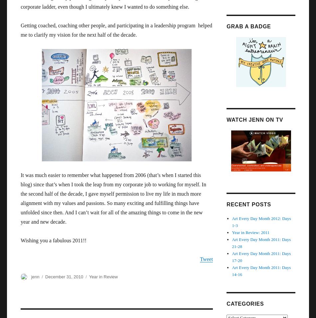 Image resolution: width=316 pixels, height=318 pixels. Describe the element at coordinates (206, 259) in the screenshot. I see `'Tweet'` at that location.